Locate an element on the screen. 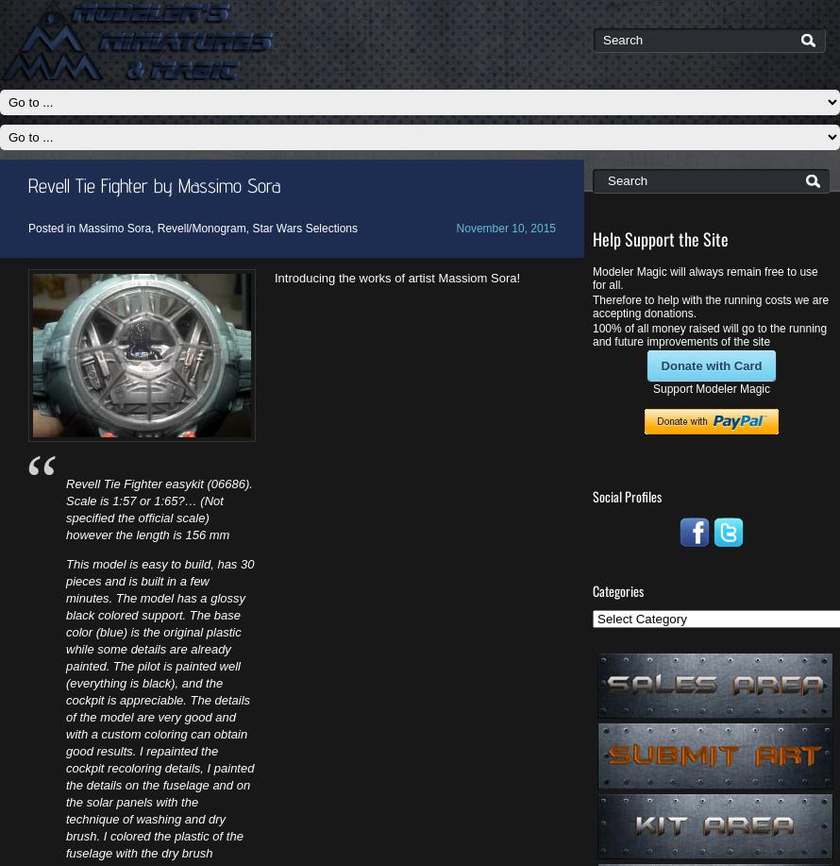  'Introducing the works of artist Massiom Sora!' is located at coordinates (395, 278).